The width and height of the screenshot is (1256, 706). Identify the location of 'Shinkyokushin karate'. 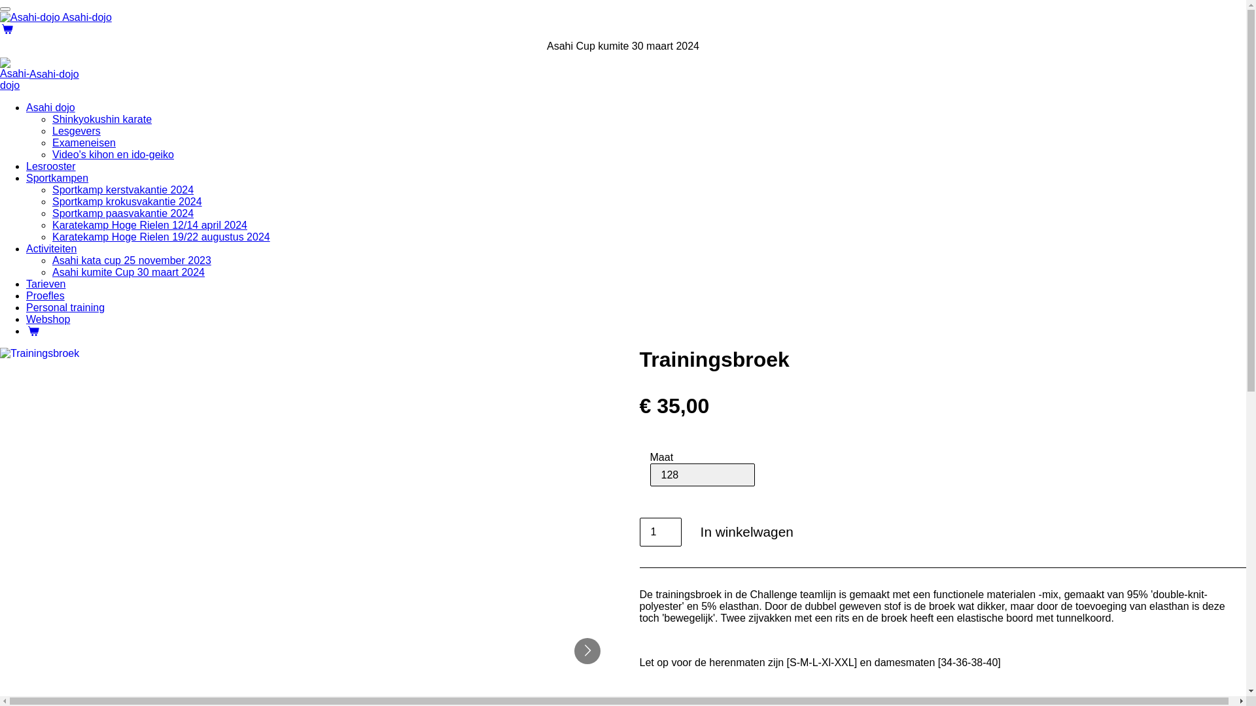
(52, 119).